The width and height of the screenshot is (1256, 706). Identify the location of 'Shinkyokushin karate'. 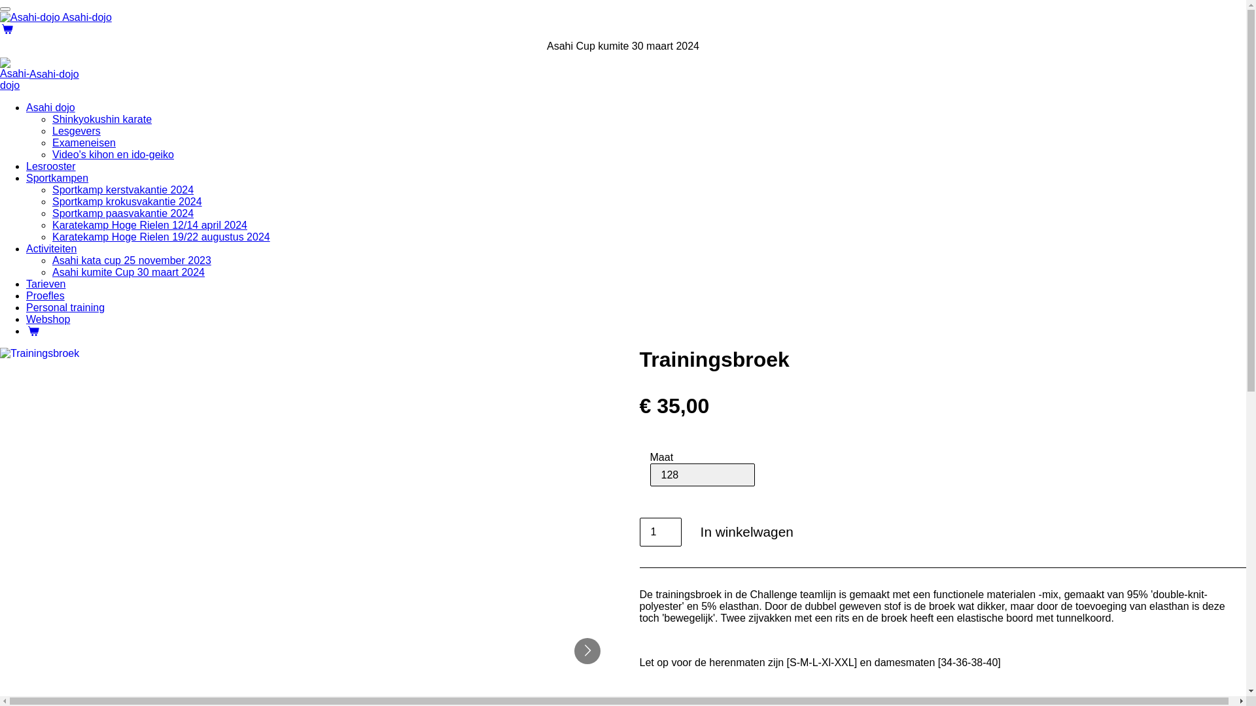
(52, 119).